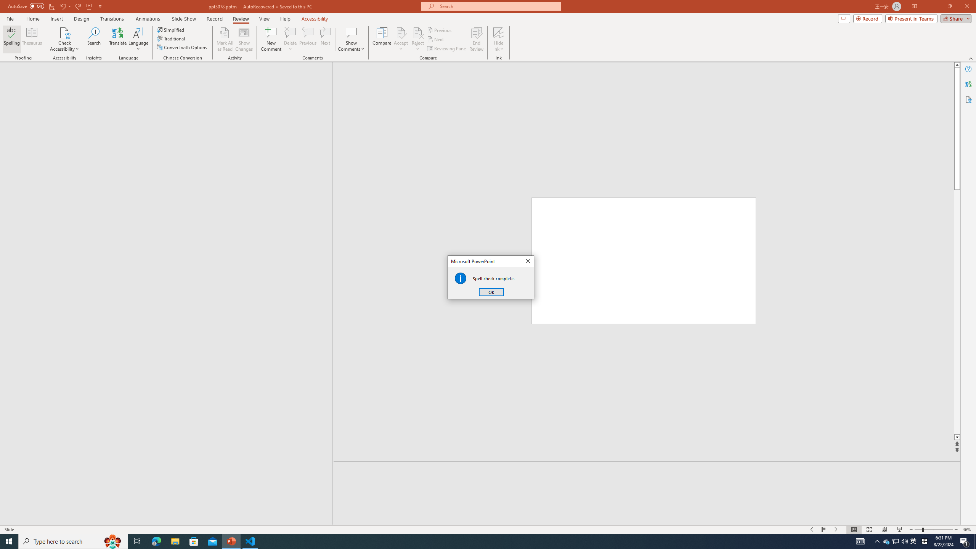 Image resolution: width=976 pixels, height=549 pixels. What do you see at coordinates (844, 18) in the screenshot?
I see `'Comments'` at bounding box center [844, 18].